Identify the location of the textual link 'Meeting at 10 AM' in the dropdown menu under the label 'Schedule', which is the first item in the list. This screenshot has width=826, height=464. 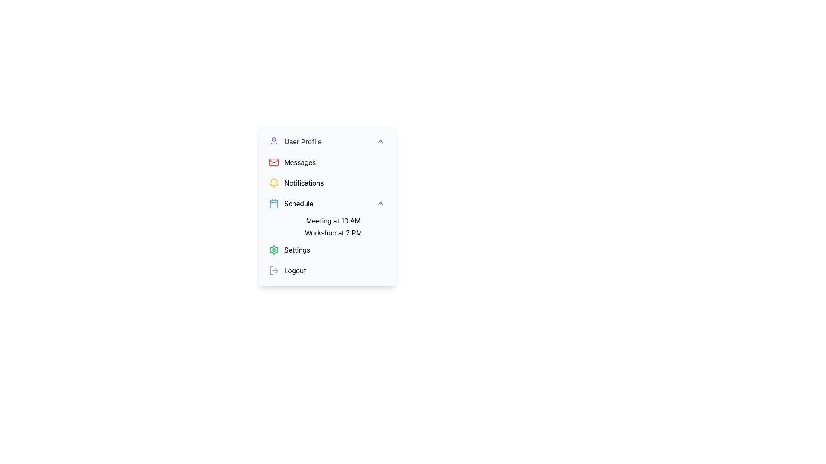
(333, 220).